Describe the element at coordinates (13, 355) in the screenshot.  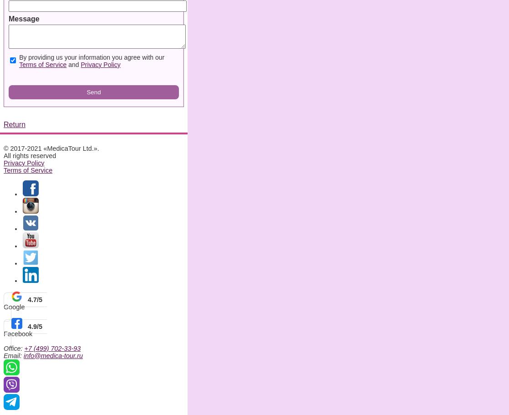
I see `'Email:'` at that location.